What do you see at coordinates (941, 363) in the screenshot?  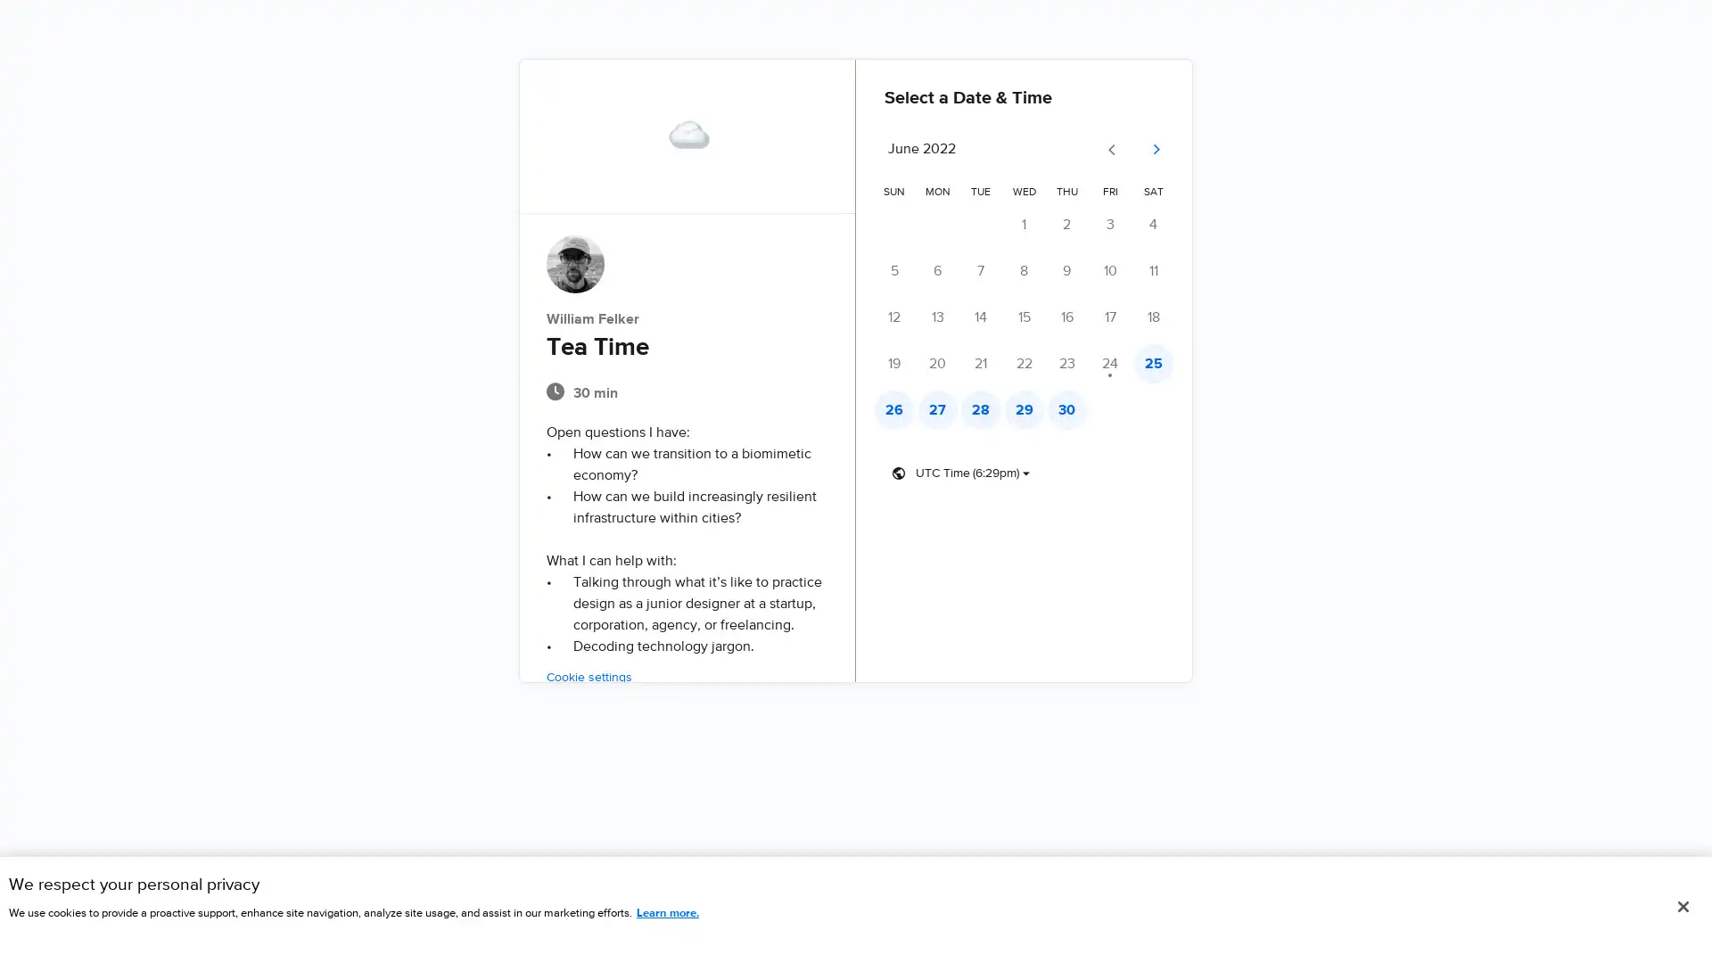 I see `Monday, June 20 - No times available` at bounding box center [941, 363].